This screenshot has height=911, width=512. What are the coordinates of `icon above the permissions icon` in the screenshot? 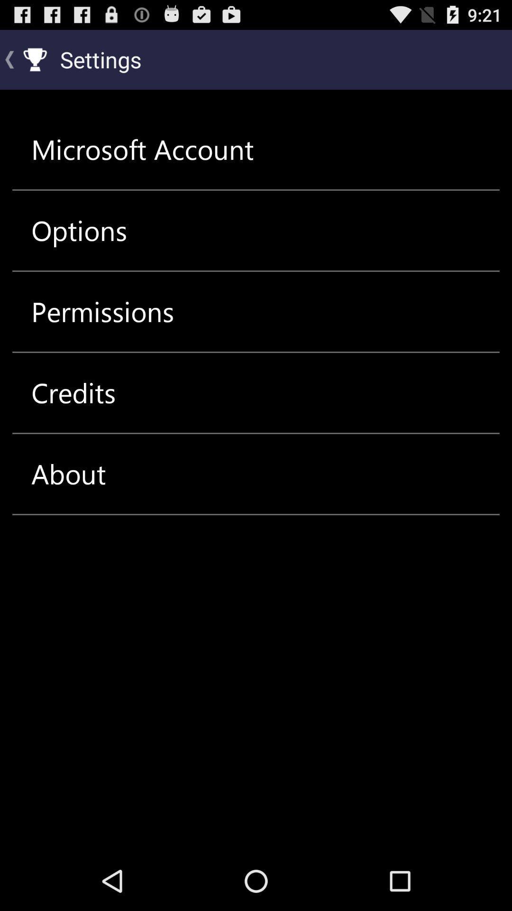 It's located at (79, 230).